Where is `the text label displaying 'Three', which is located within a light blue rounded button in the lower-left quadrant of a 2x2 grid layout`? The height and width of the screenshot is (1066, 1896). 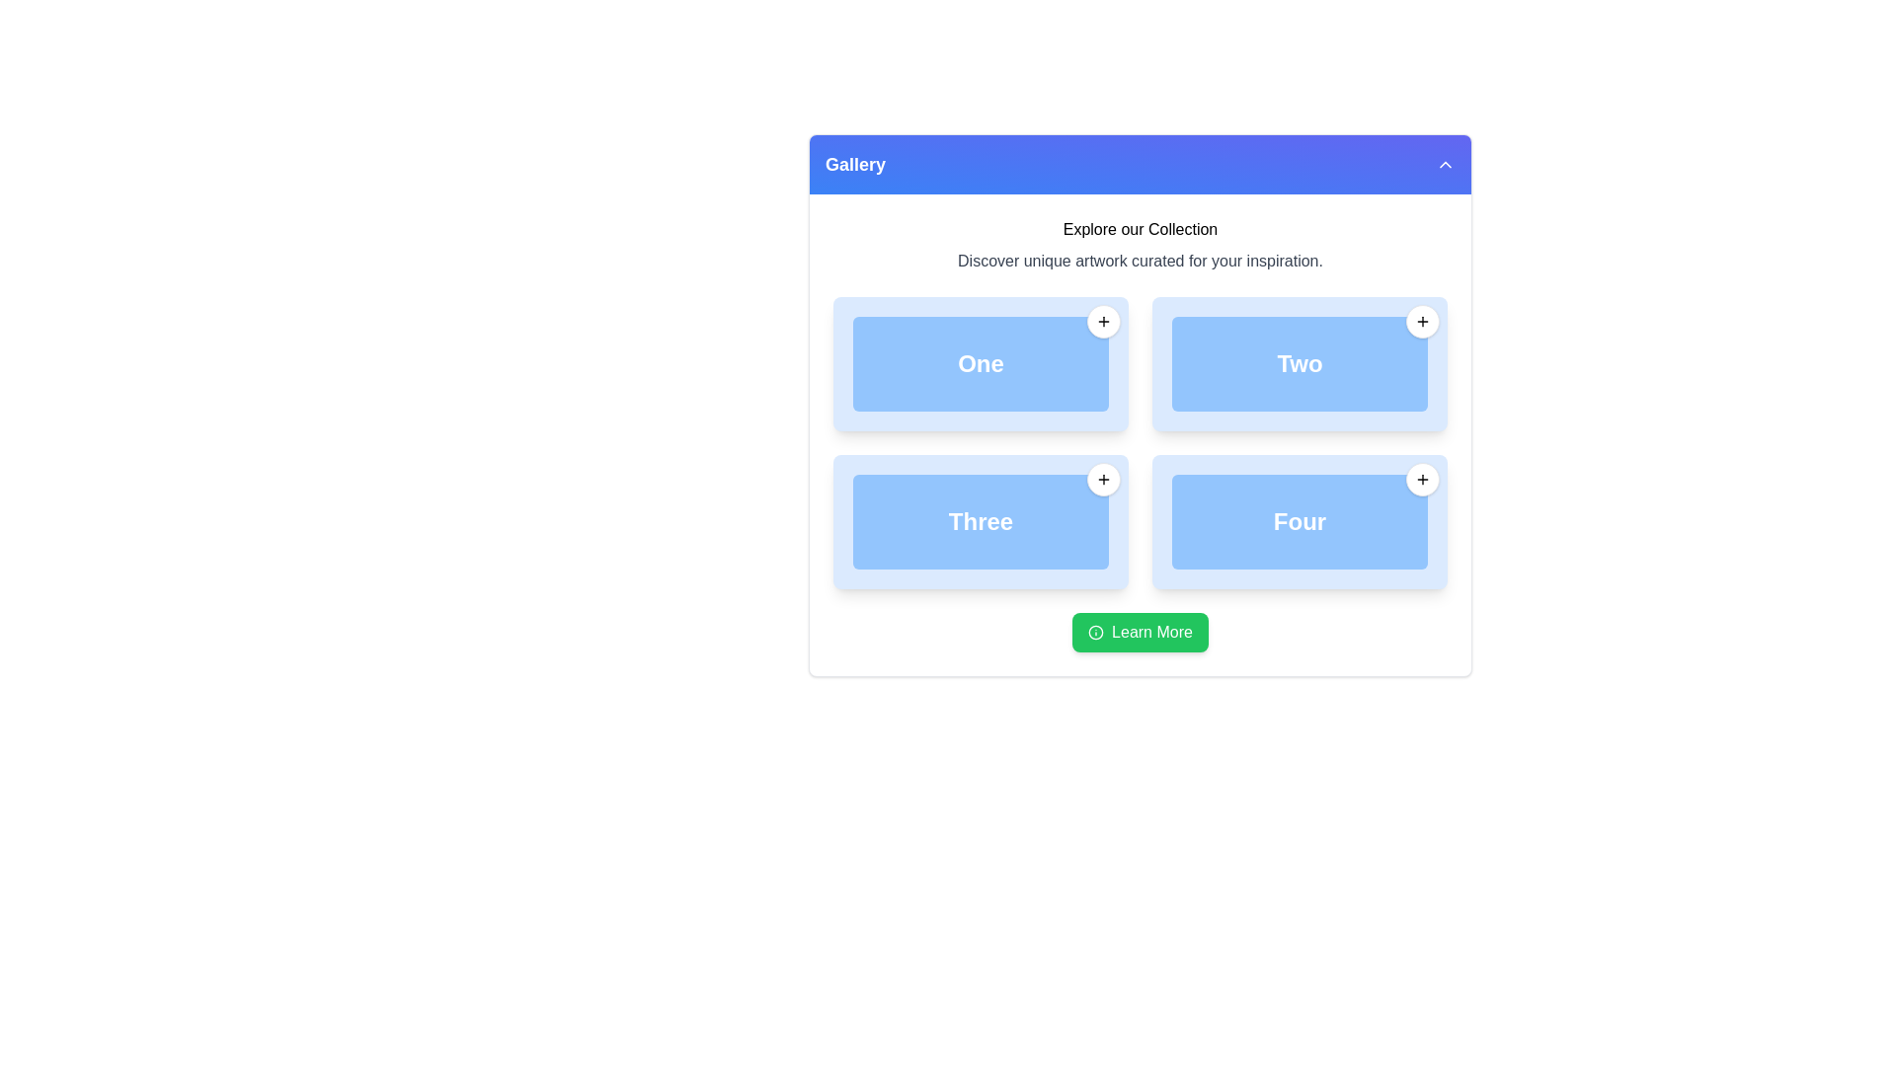
the text label displaying 'Three', which is located within a light blue rounded button in the lower-left quadrant of a 2x2 grid layout is located at coordinates (981, 520).